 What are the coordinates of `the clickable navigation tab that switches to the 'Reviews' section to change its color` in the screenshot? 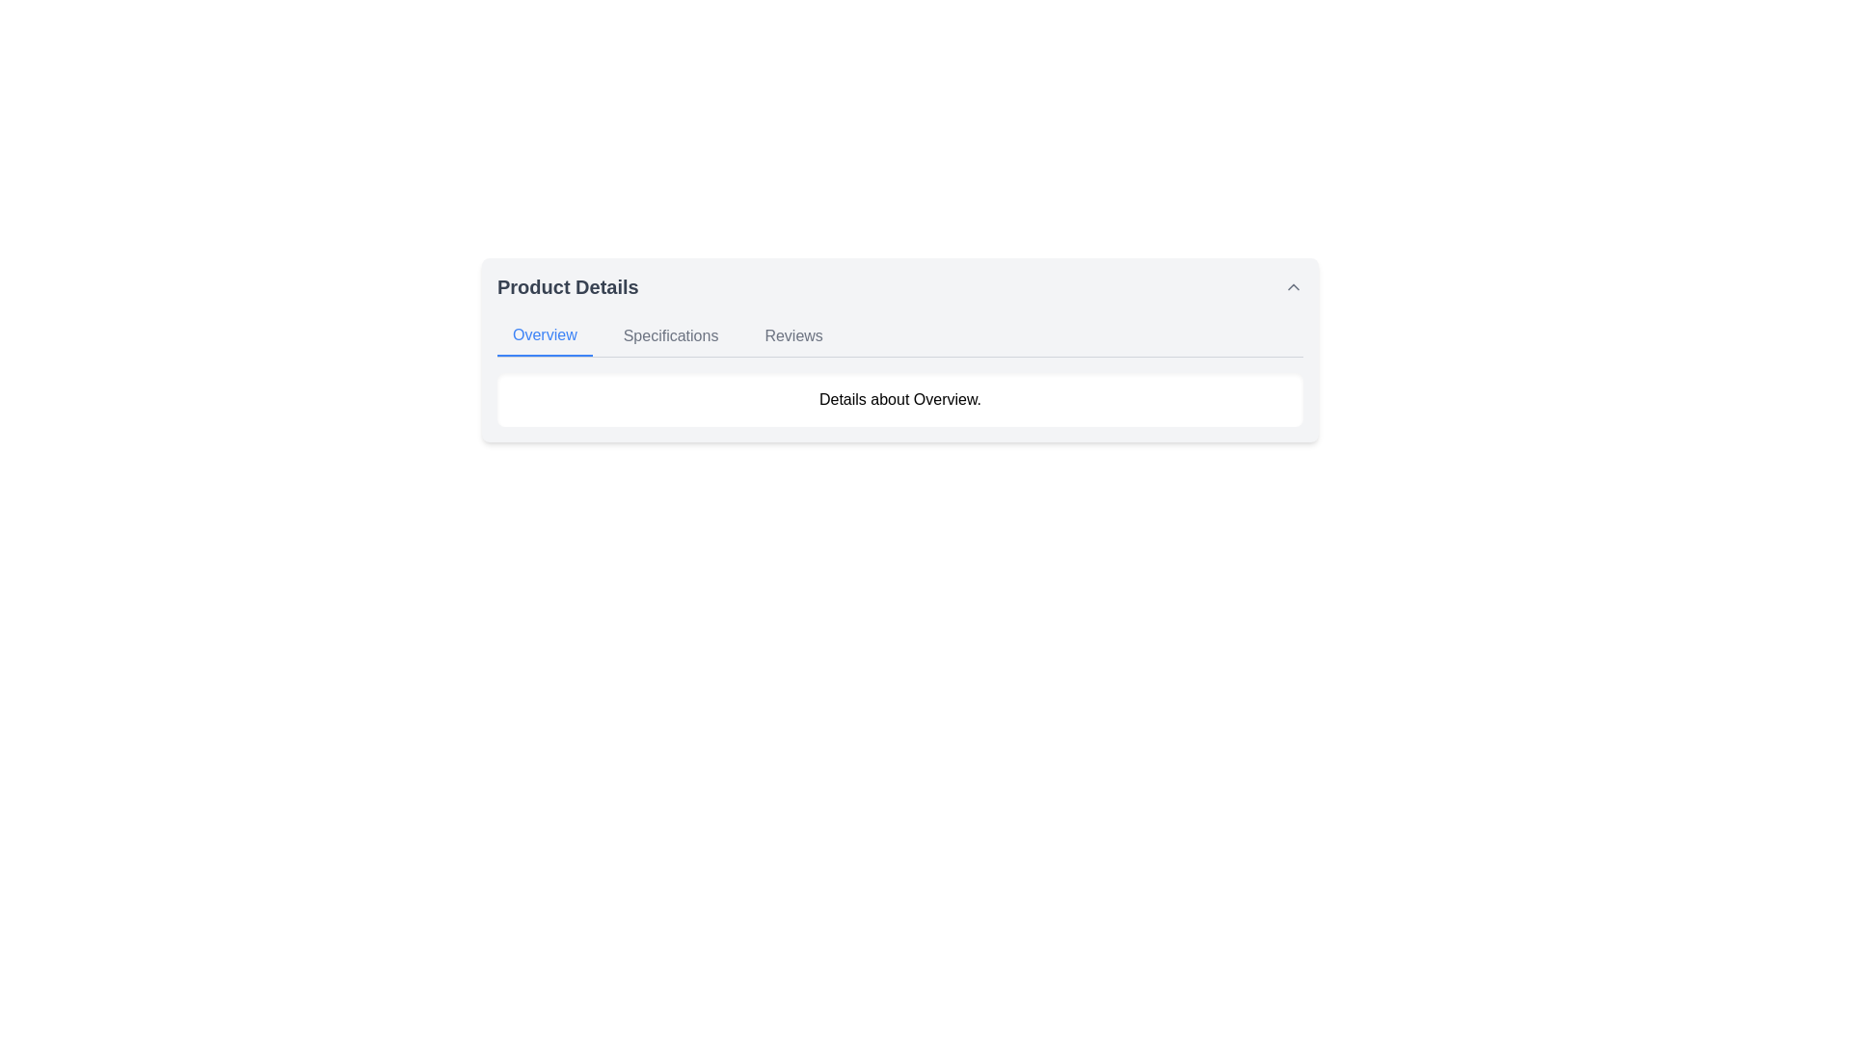 It's located at (793, 334).